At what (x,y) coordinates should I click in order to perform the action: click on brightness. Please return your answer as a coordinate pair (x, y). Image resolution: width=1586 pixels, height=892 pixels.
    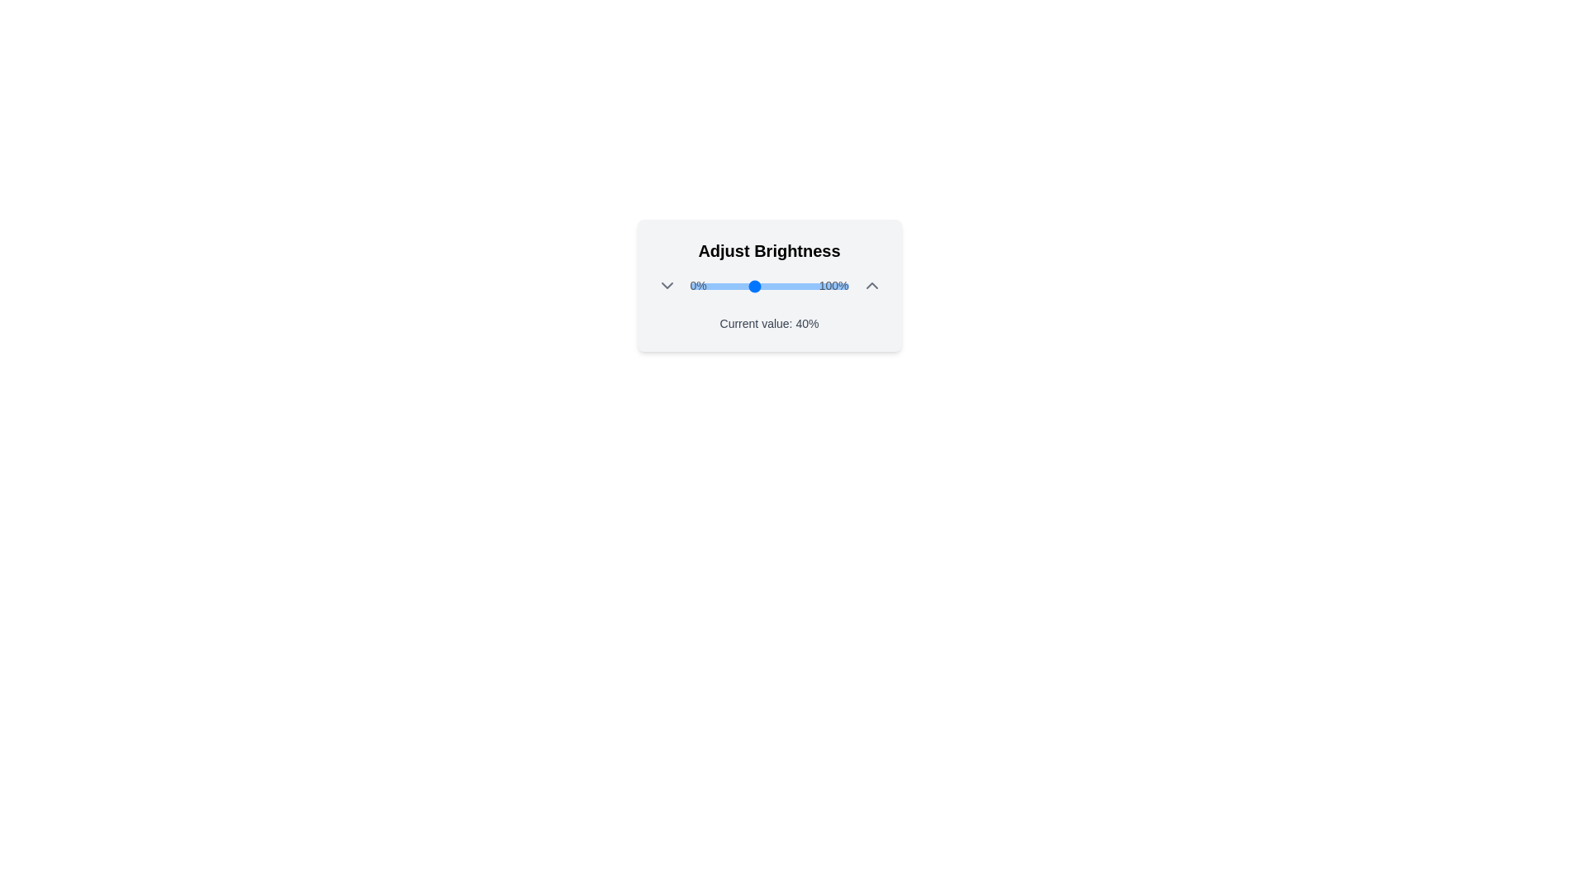
    Looking at the image, I should click on (715, 286).